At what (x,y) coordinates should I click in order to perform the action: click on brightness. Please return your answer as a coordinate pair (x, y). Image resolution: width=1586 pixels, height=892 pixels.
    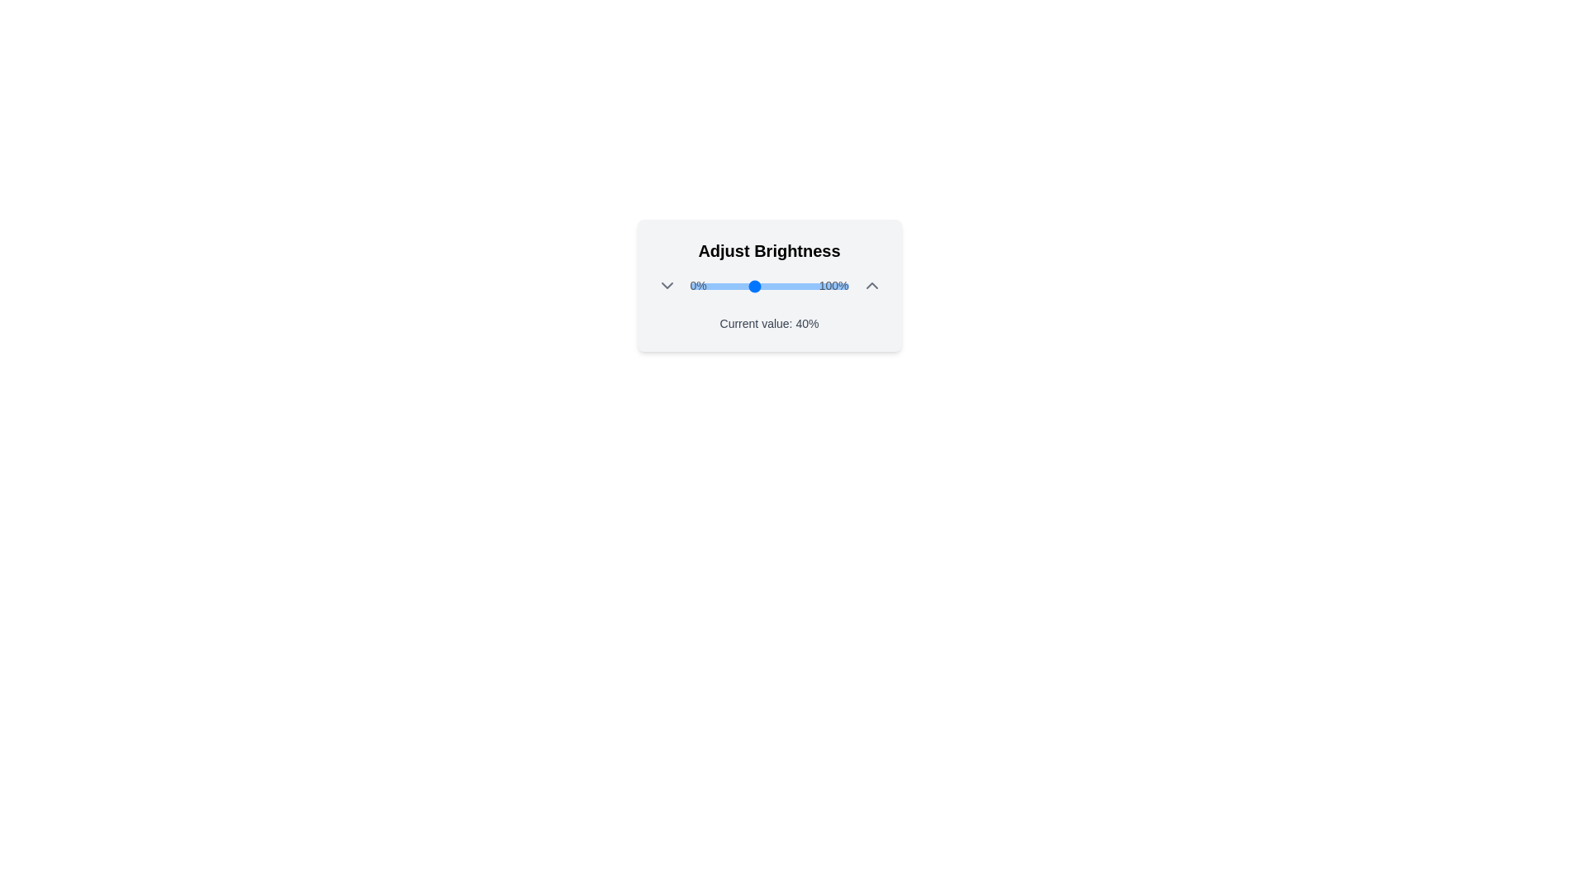
    Looking at the image, I should click on (715, 286).